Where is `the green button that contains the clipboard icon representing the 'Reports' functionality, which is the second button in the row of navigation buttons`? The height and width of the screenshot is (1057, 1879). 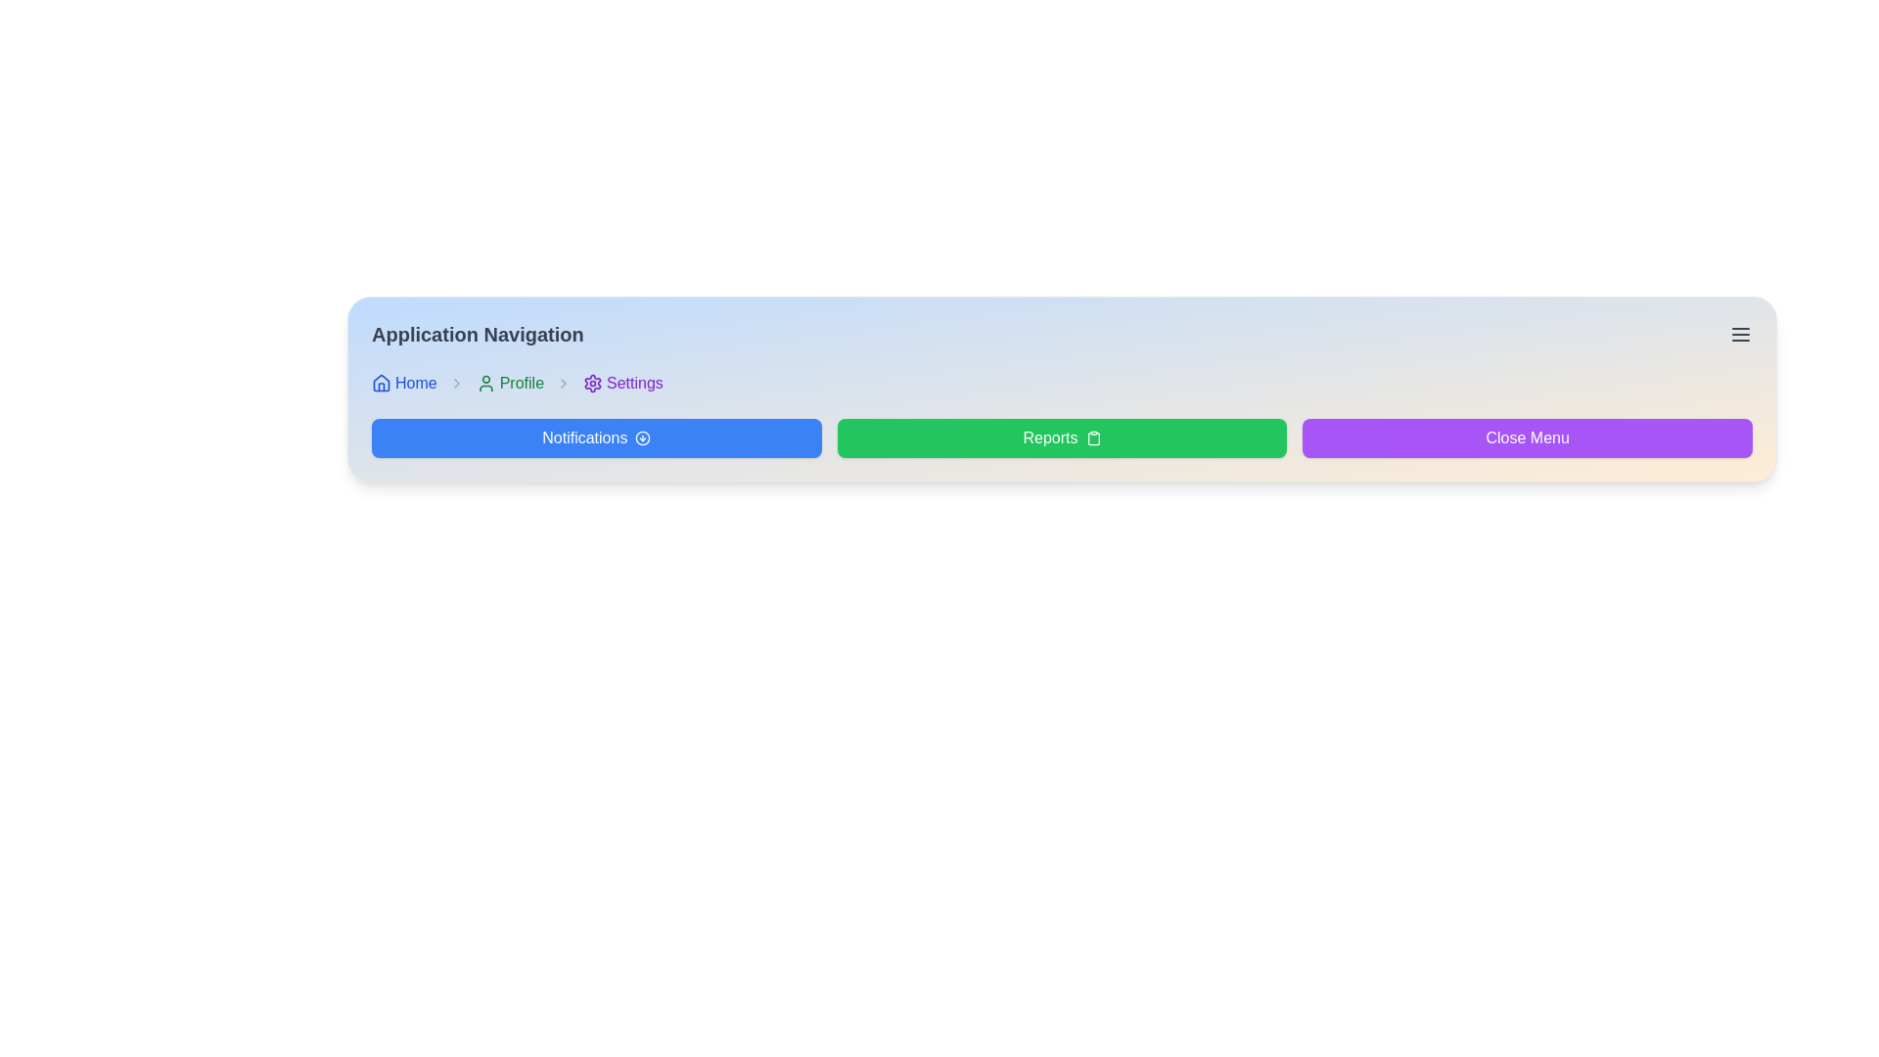
the green button that contains the clipboard icon representing the 'Reports' functionality, which is the second button in the row of navigation buttons is located at coordinates (1092, 437).